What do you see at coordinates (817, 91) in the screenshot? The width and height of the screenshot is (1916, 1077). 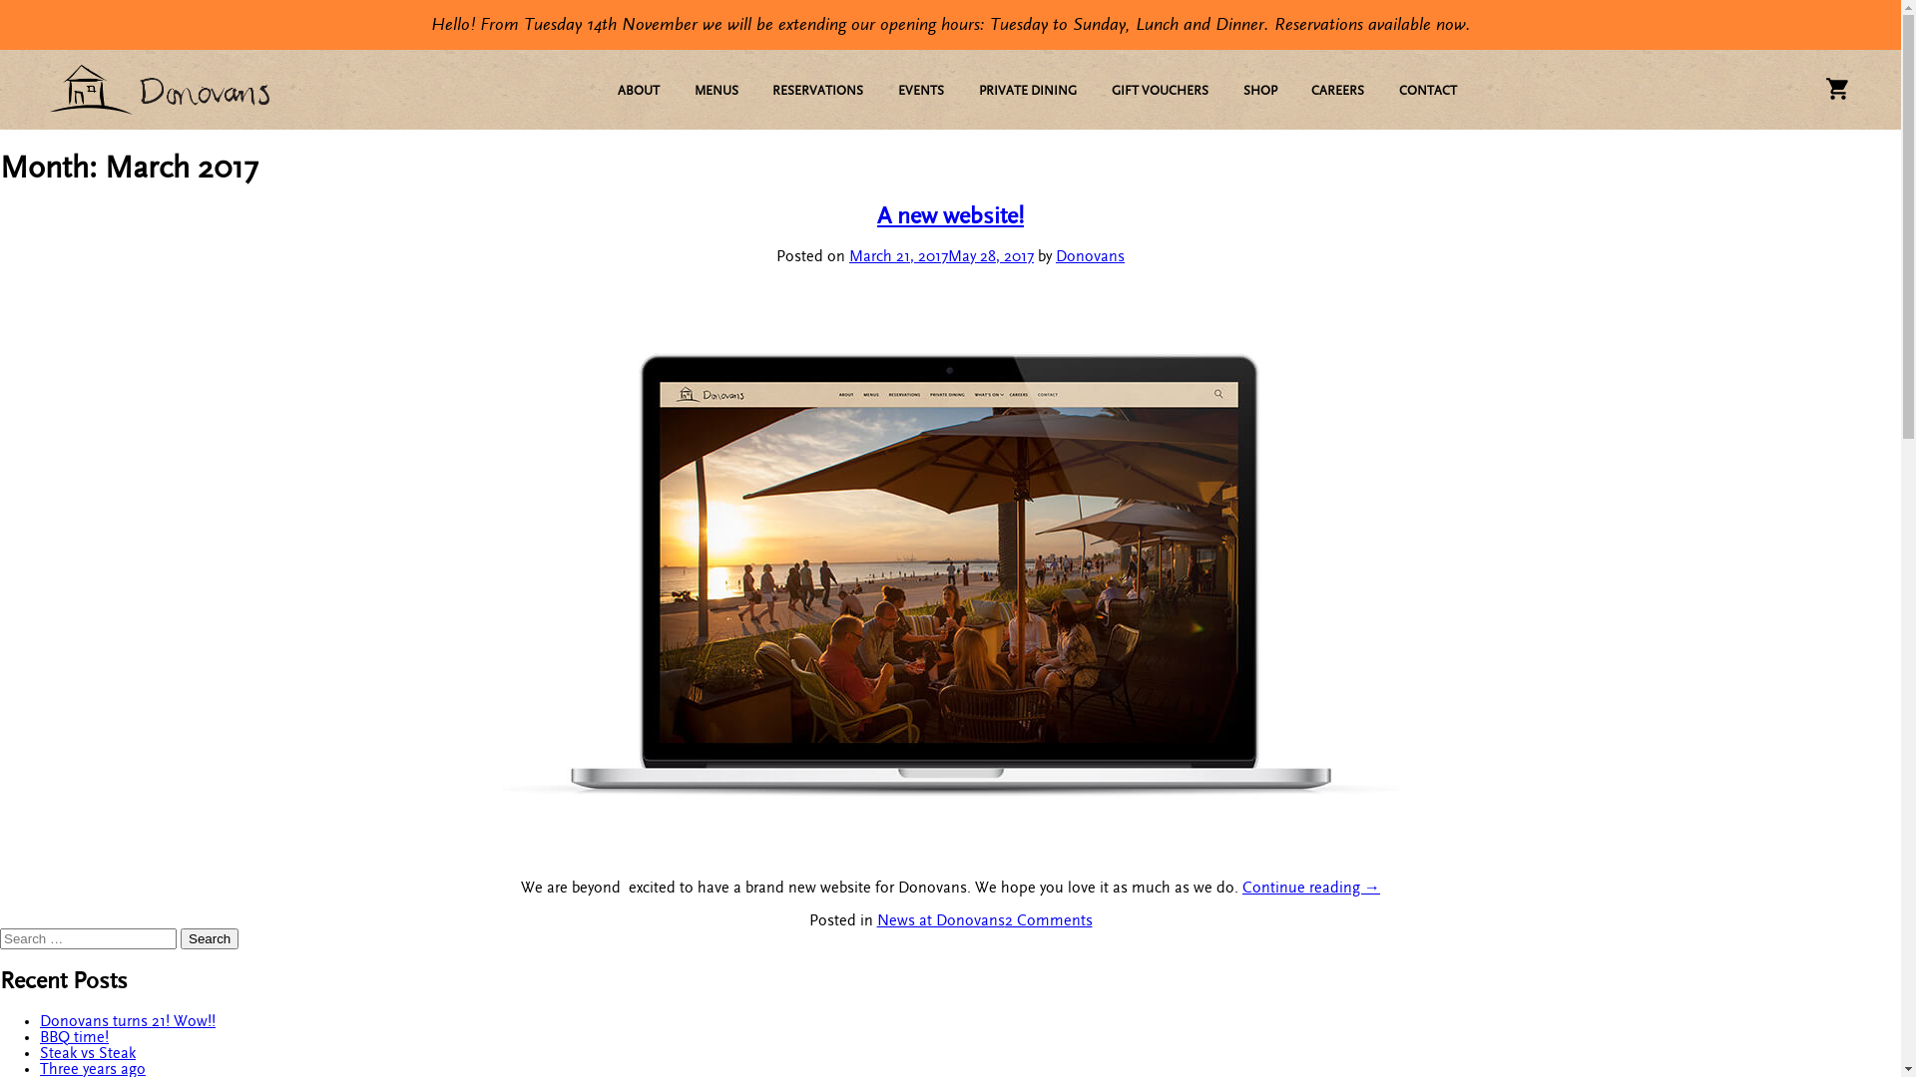 I see `'RESERVATIONS'` at bounding box center [817, 91].